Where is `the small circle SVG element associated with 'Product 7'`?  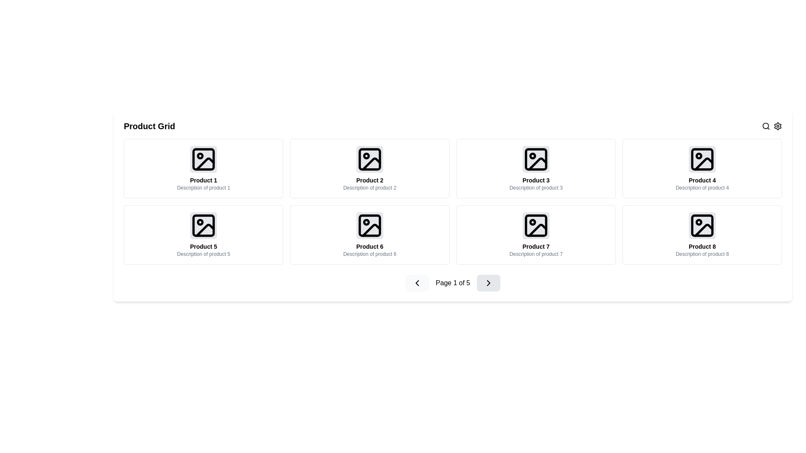 the small circle SVG element associated with 'Product 7' is located at coordinates (532, 221).